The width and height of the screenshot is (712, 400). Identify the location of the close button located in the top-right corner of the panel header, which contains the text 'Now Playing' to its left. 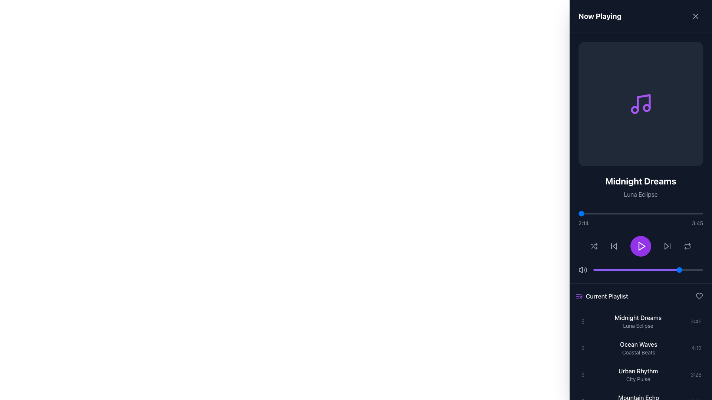
(695, 16).